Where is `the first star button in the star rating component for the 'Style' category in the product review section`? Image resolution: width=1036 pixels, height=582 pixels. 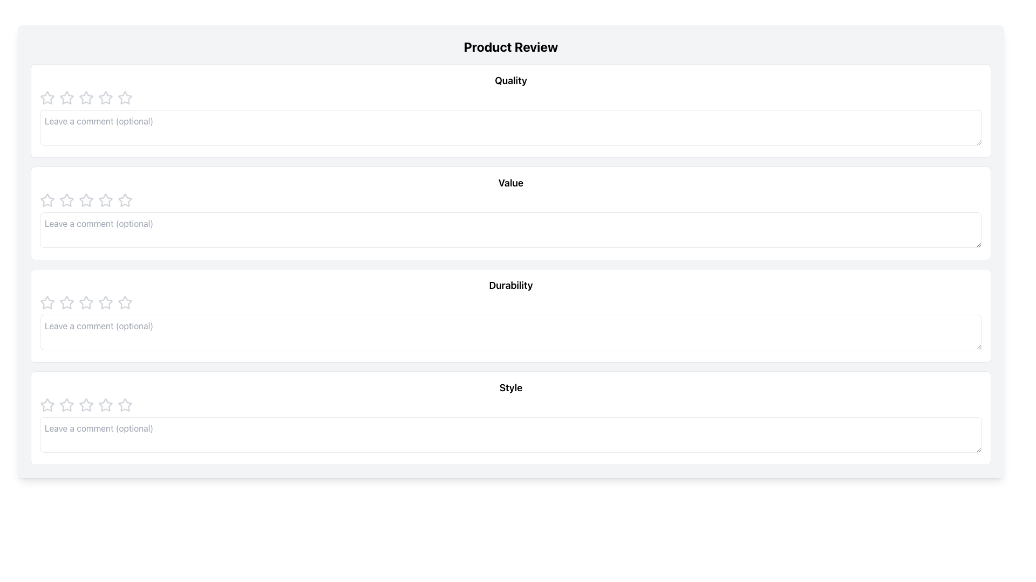
the first star button in the star rating component for the 'Style' category in the product review section is located at coordinates (46, 405).